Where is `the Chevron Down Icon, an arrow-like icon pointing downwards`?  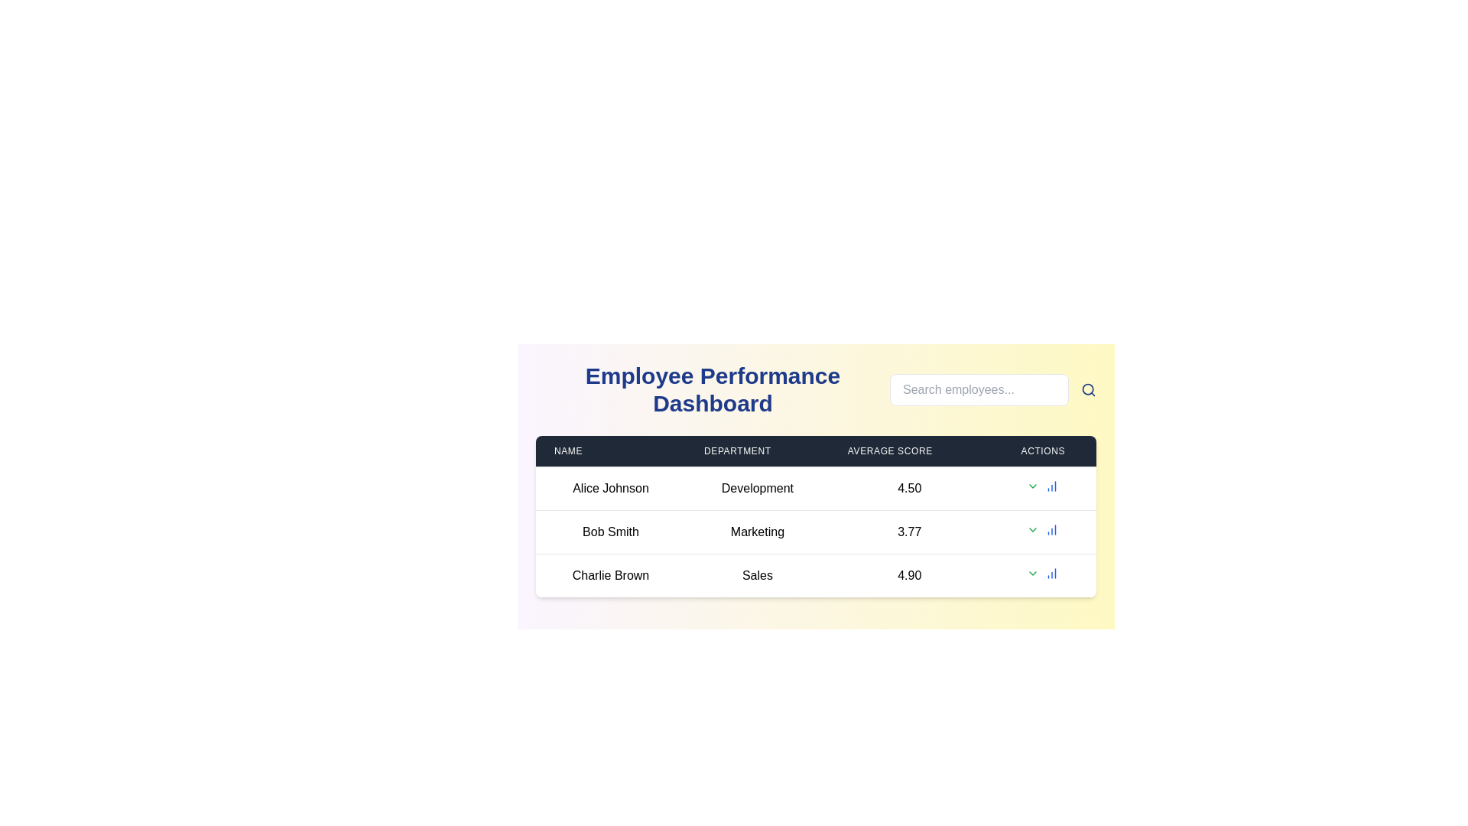 the Chevron Down Icon, an arrow-like icon pointing downwards is located at coordinates (1033, 529).